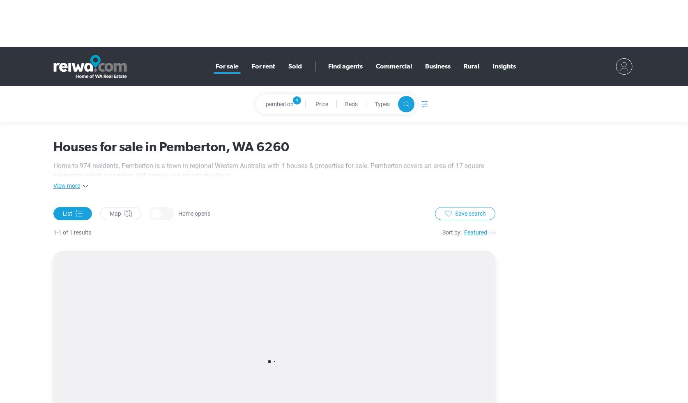 This screenshot has width=688, height=403. Describe the element at coordinates (492, 66) in the screenshot. I see `'Insights'` at that location.